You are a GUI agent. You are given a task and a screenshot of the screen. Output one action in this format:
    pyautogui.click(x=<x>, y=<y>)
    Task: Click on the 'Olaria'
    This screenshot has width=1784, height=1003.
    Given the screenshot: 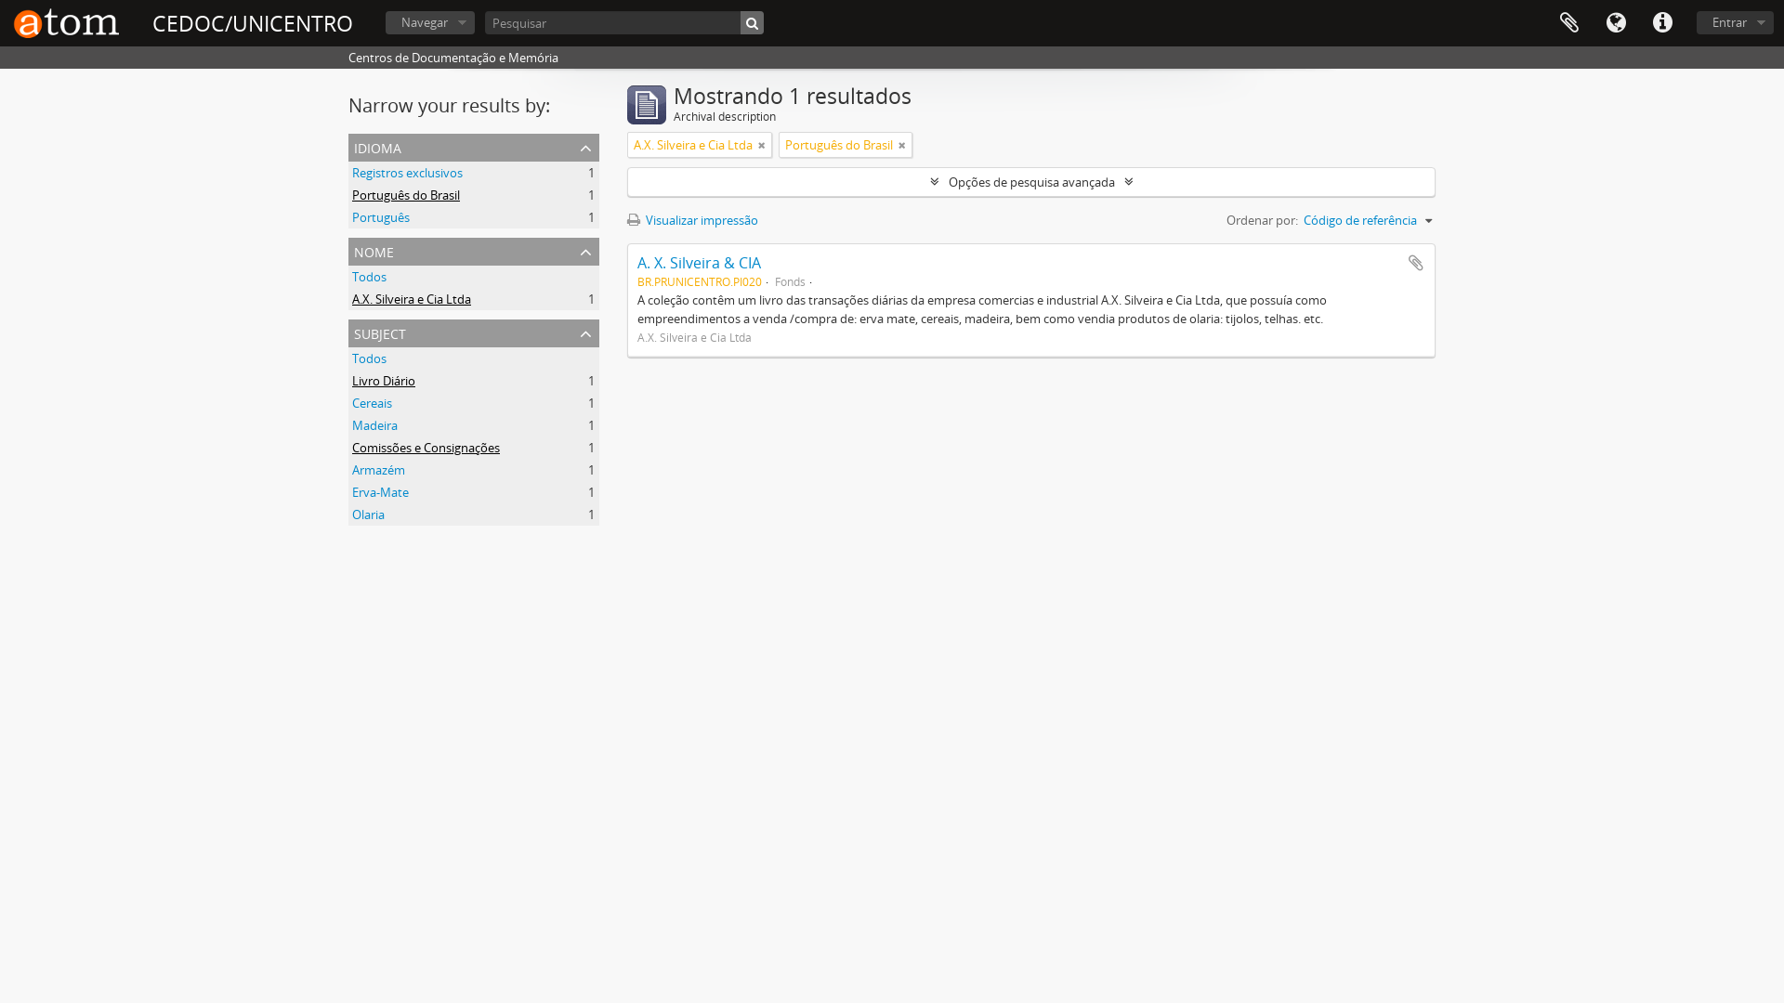 What is the action you would take?
    pyautogui.click(x=352, y=515)
    